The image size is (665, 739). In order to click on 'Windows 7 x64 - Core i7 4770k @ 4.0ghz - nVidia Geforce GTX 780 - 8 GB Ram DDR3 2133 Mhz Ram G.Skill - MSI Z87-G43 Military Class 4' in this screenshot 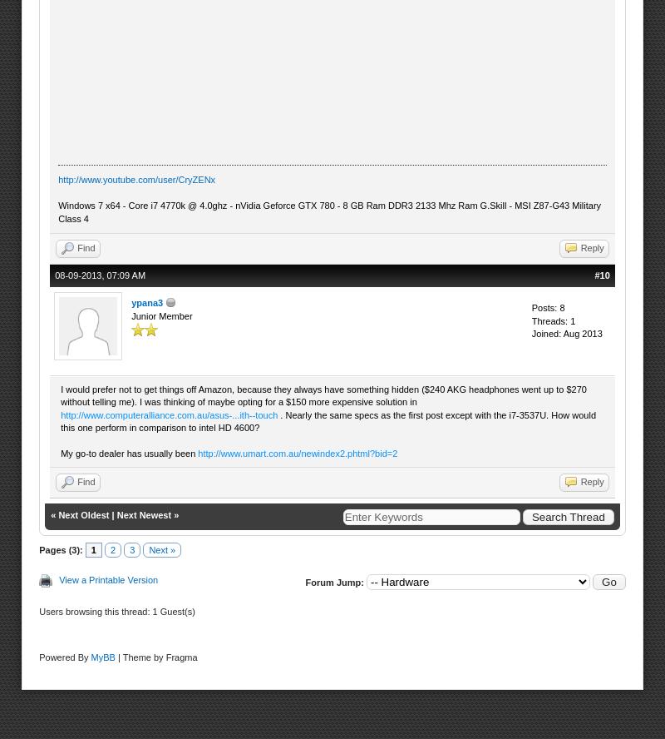, I will do `click(328, 211)`.